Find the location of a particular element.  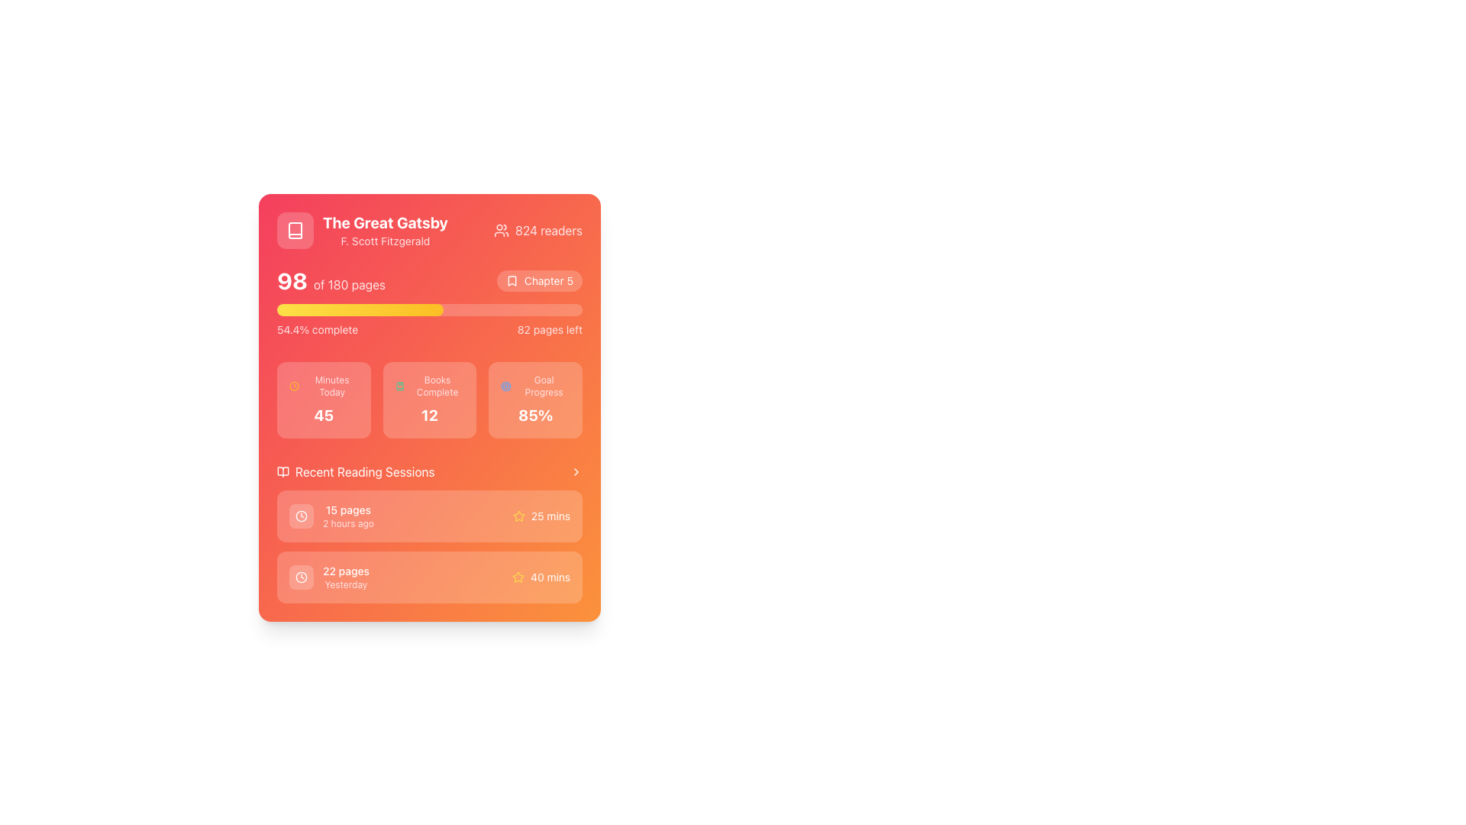

the Label with an icon that shows '824 readers' is located at coordinates (538, 230).